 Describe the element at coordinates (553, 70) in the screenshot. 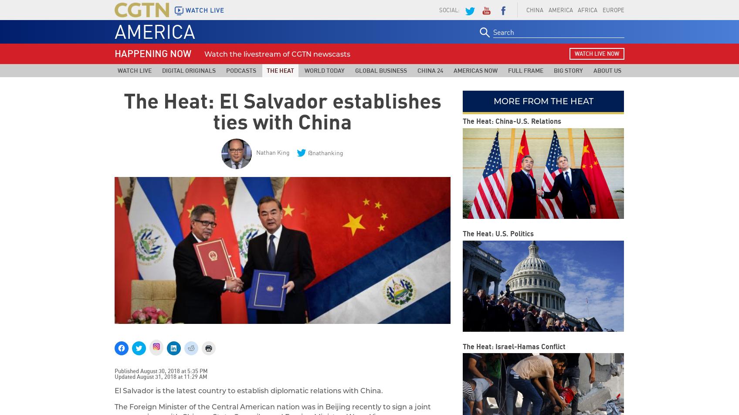

I see `'Big Story'` at that location.